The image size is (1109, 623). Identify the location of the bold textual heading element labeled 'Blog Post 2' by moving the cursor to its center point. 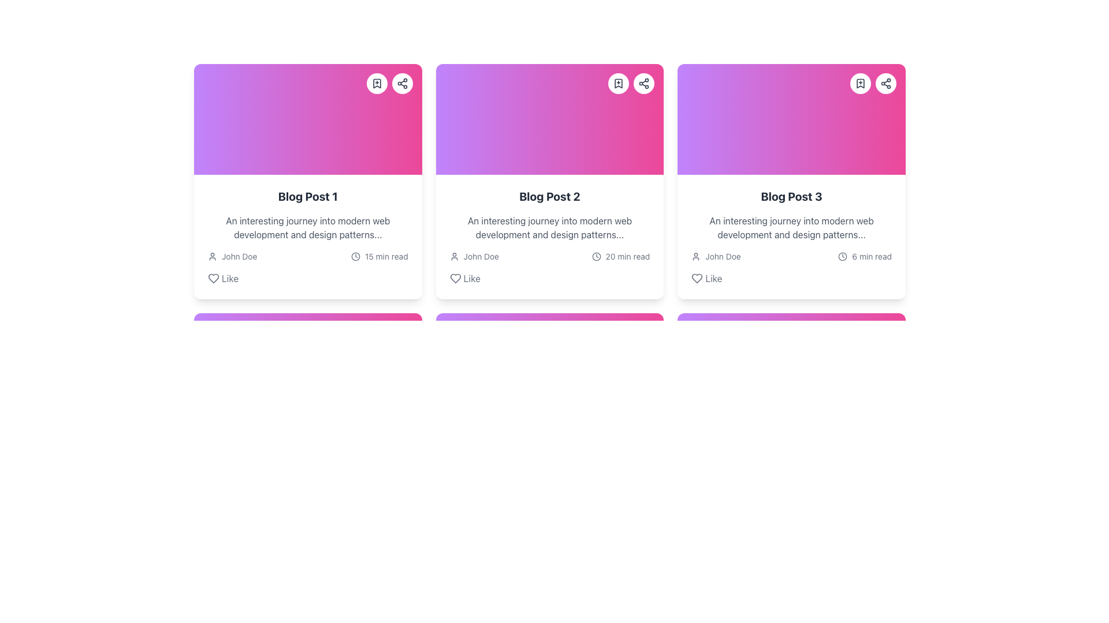
(549, 196).